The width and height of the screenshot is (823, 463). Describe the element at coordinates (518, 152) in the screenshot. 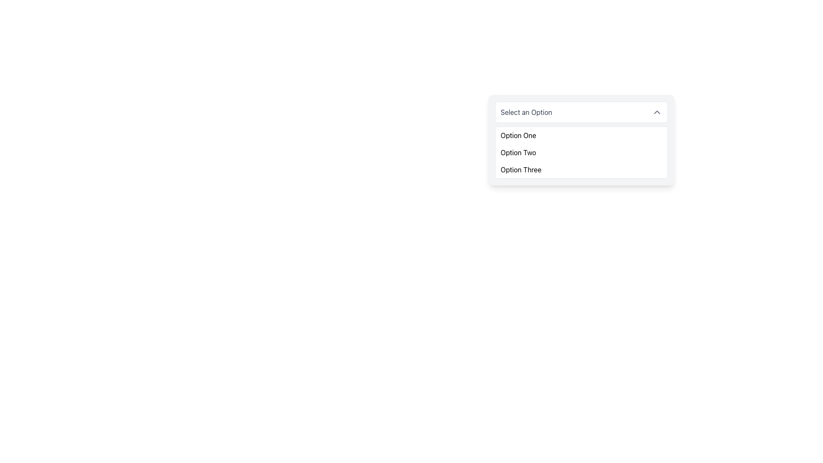

I see `to select the 'Option Two' from the dropdown menu` at that location.